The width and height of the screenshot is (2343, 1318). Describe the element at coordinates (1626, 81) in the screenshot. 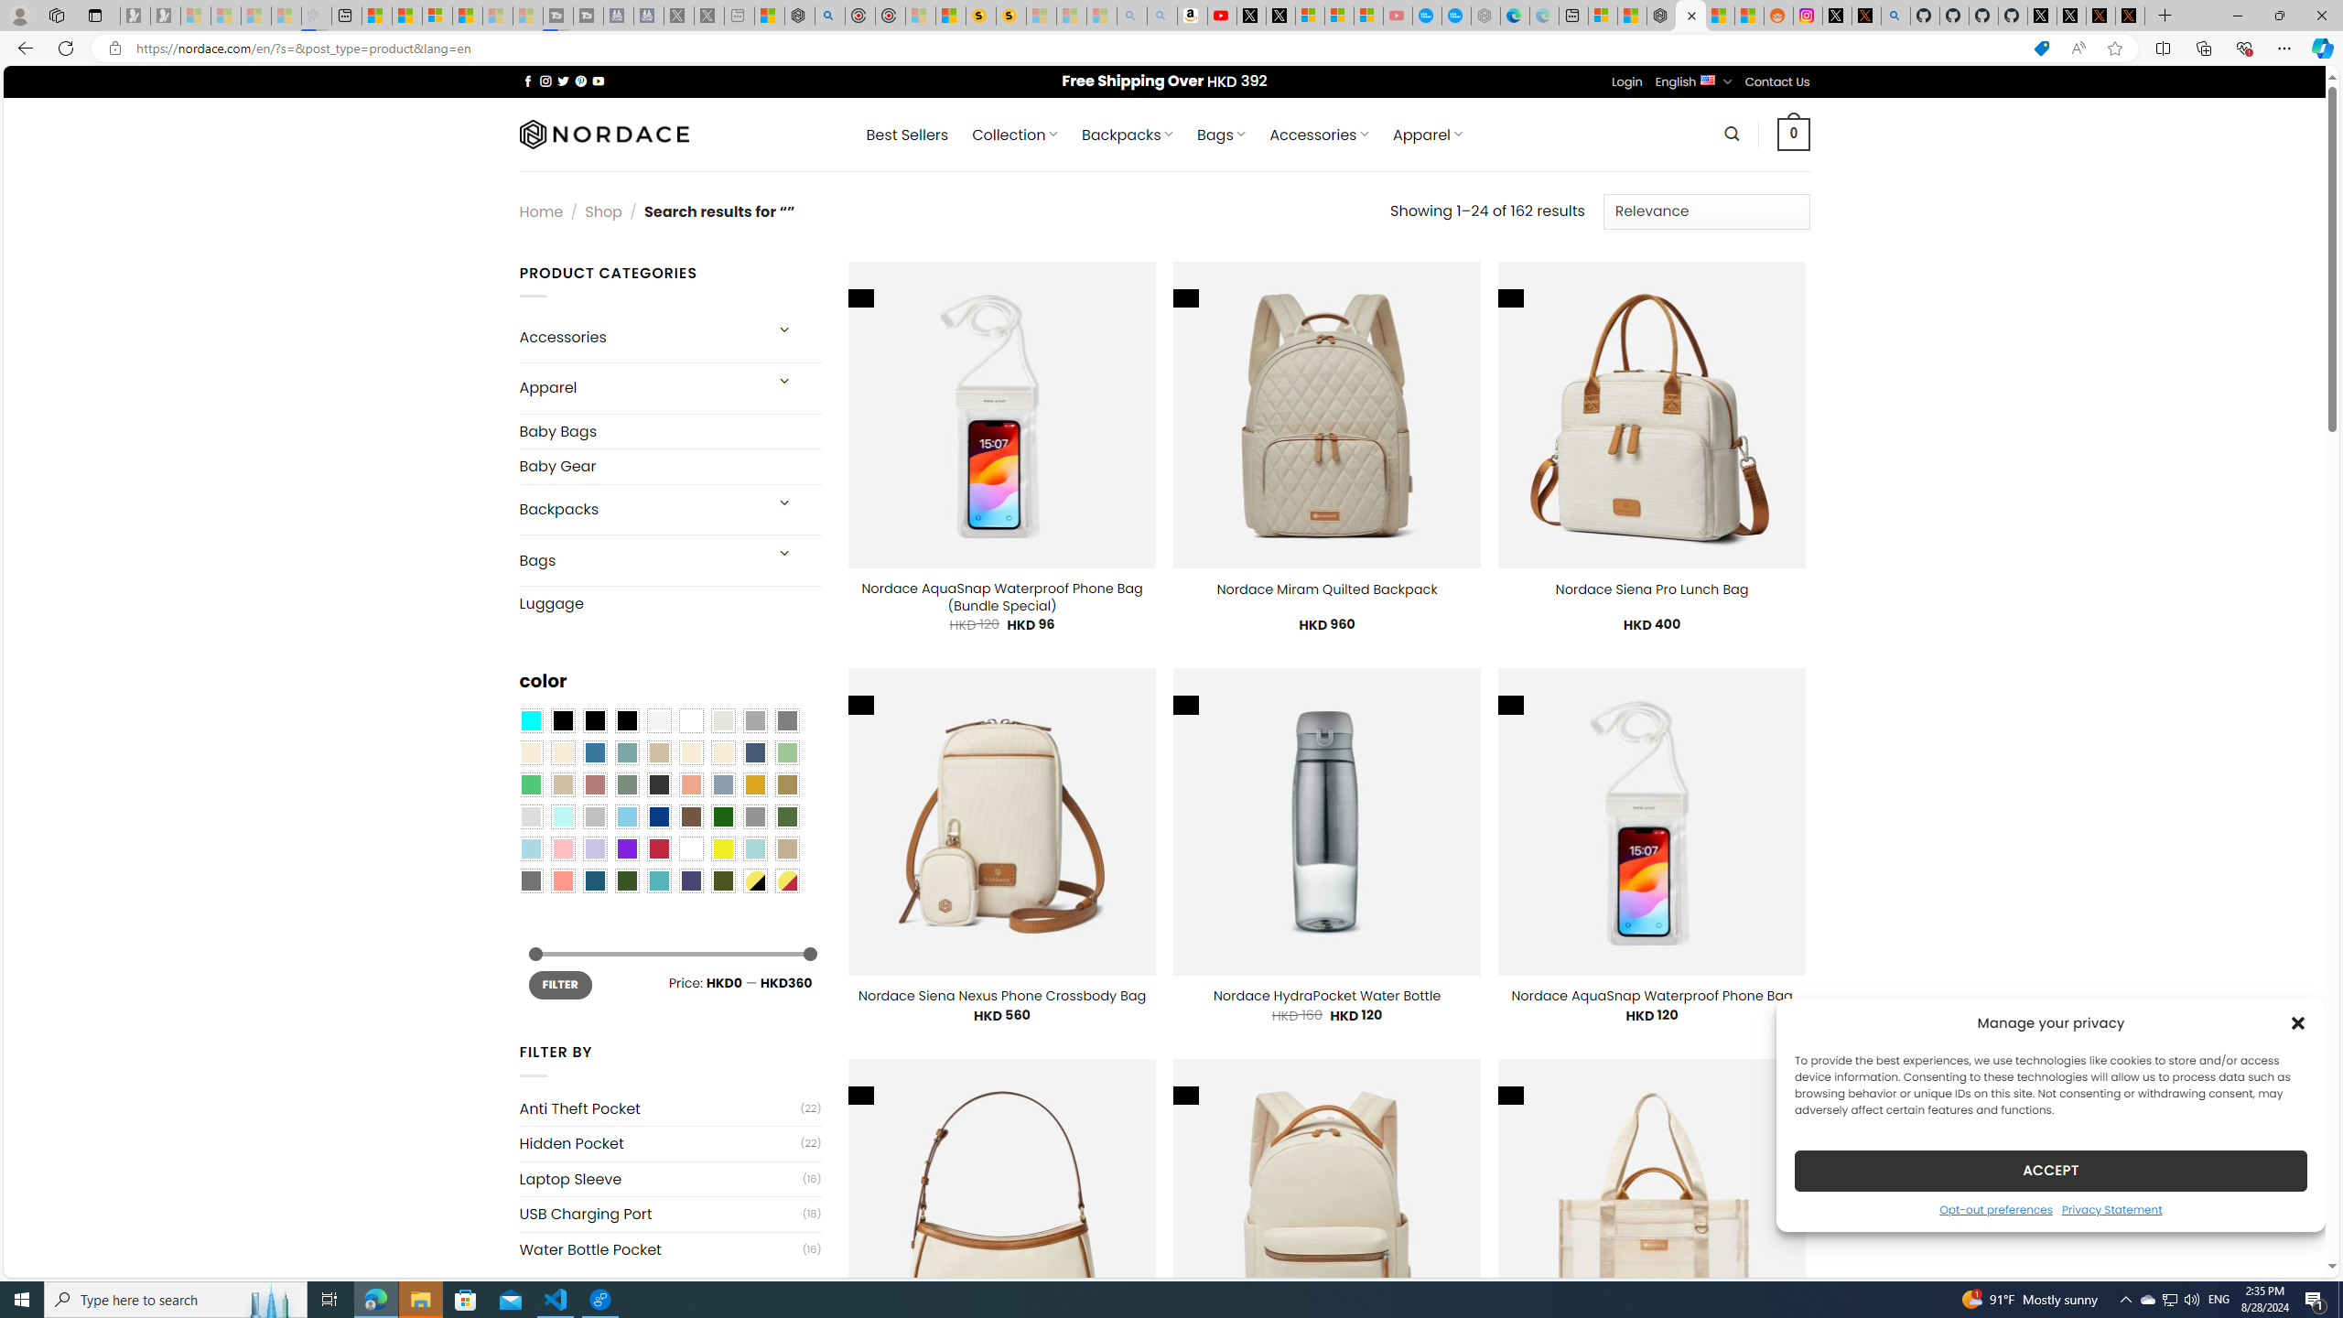

I see `'Login'` at that location.